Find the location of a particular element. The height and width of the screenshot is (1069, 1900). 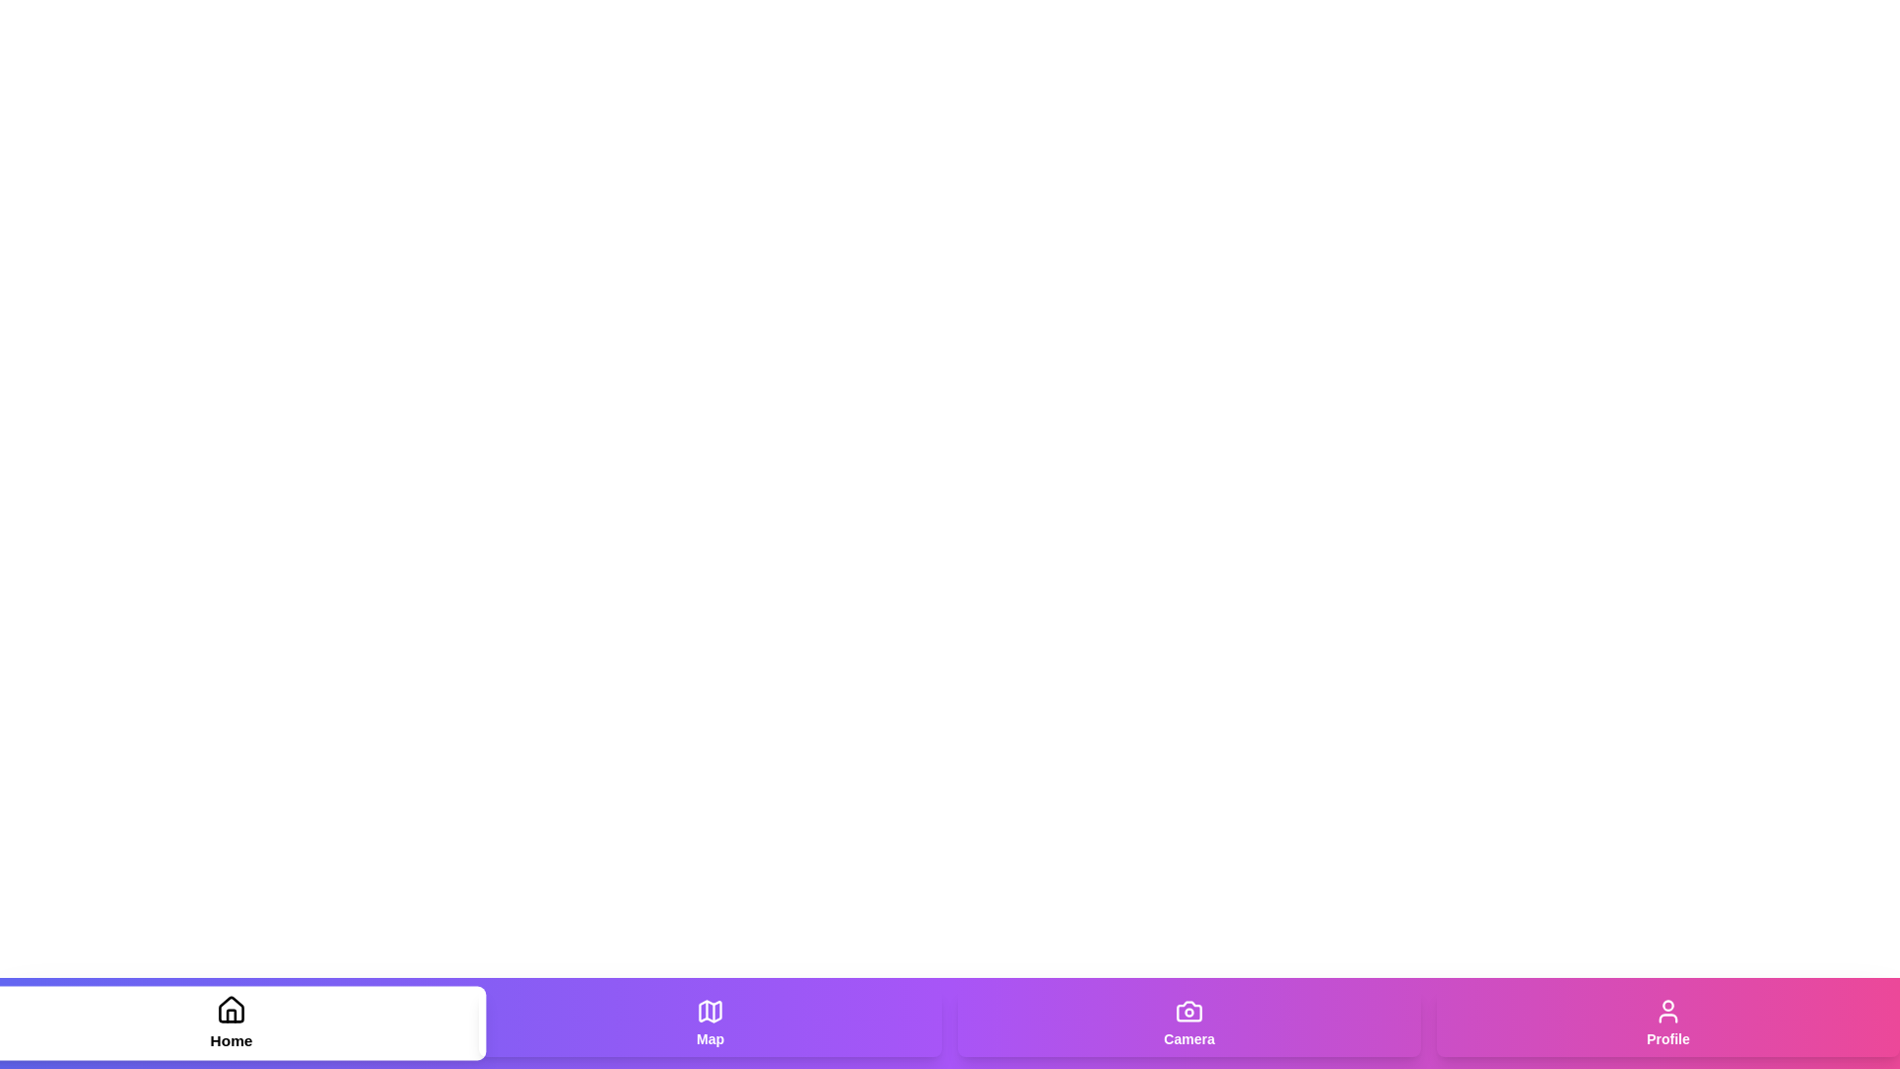

the Profile tab to navigate to its section is located at coordinates (1666, 1022).